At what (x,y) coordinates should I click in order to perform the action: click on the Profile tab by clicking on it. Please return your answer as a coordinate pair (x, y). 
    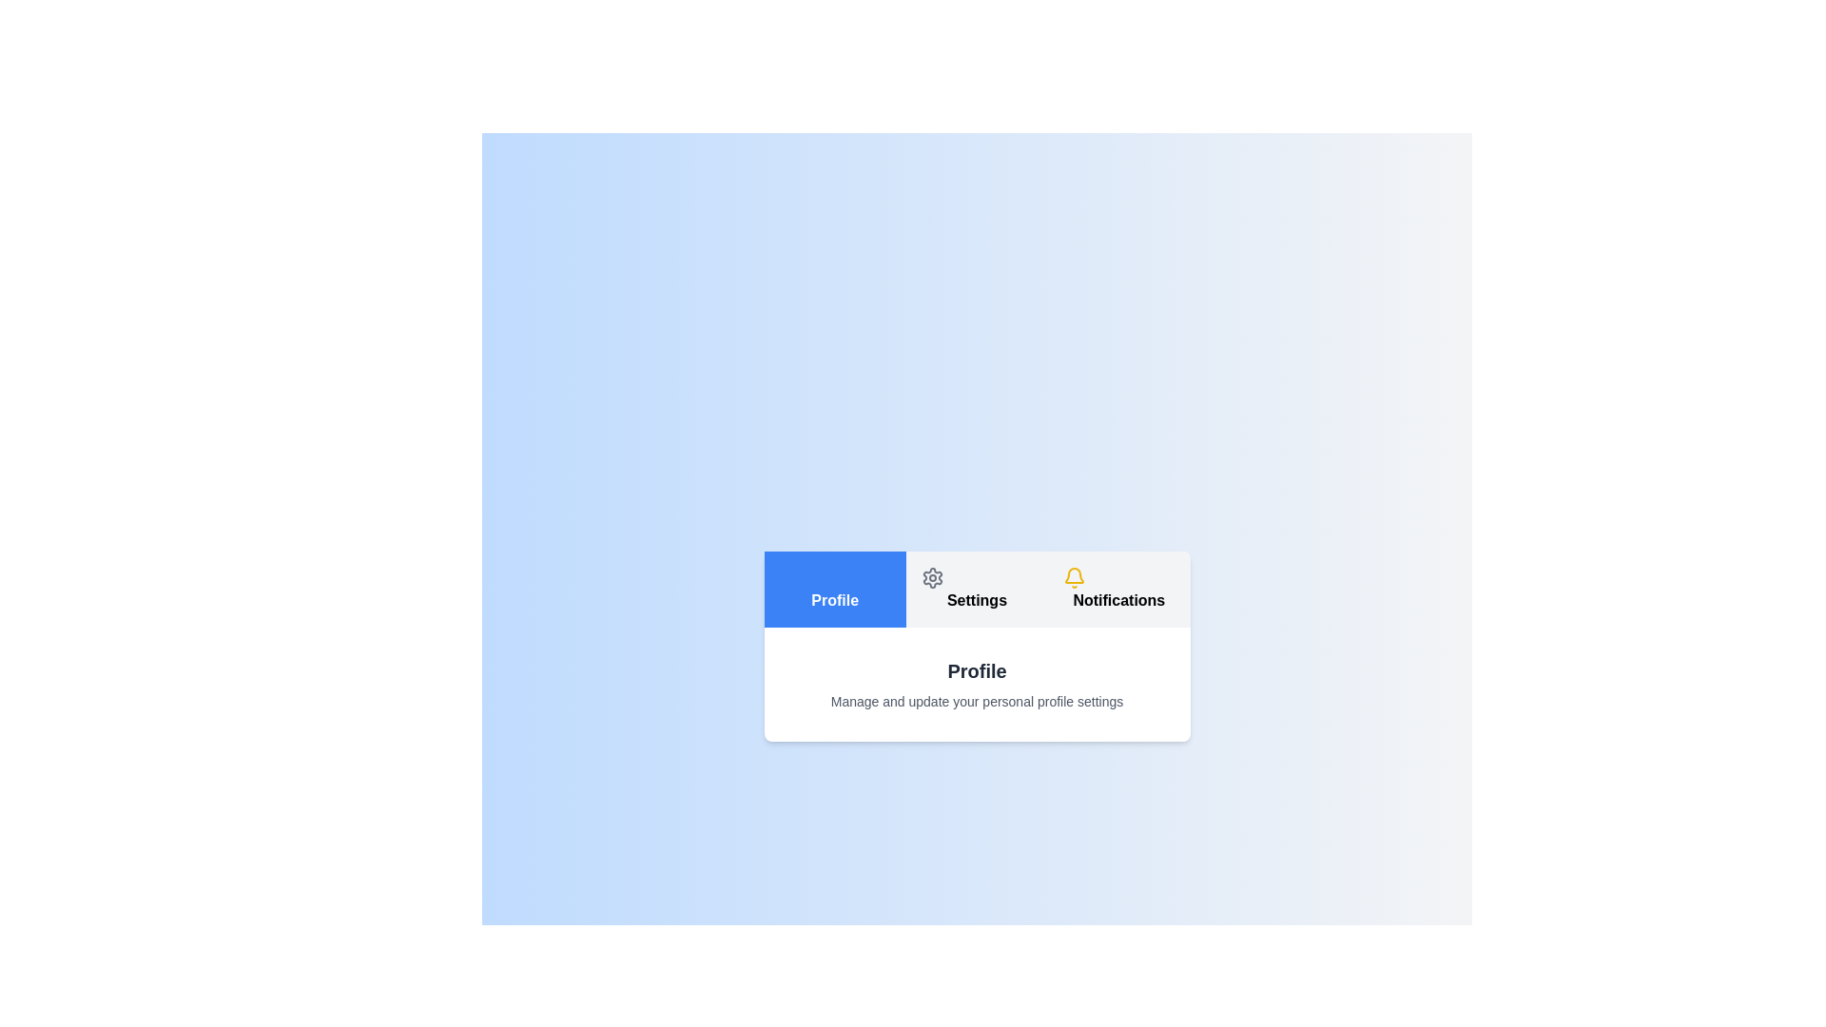
    Looking at the image, I should click on (835, 589).